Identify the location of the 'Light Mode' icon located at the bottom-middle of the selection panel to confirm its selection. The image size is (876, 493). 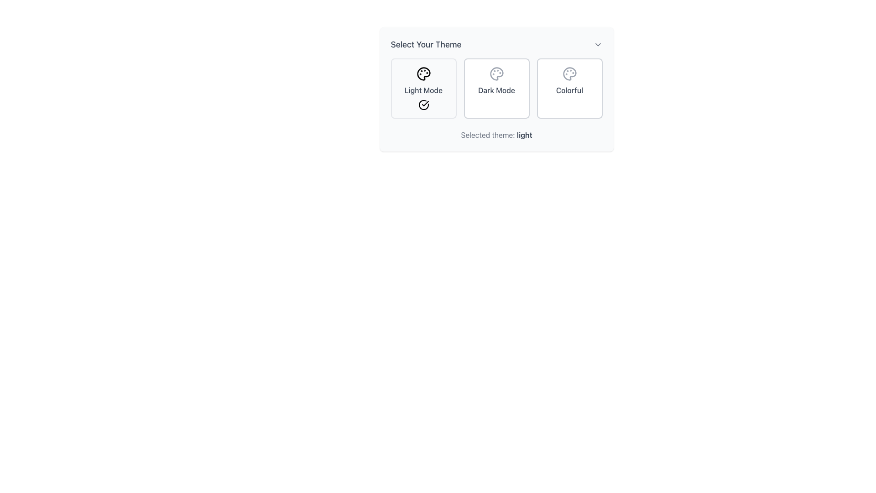
(423, 105).